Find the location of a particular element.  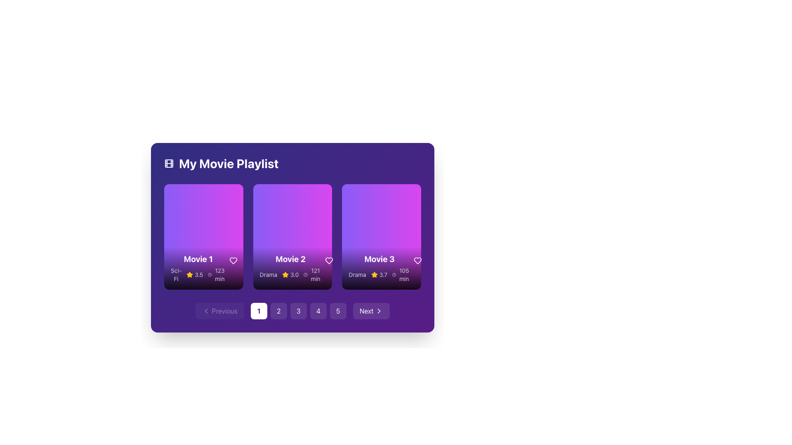

the heart icon located at the bottom right corner of the 'Movie 2' card is located at coordinates (328, 260).